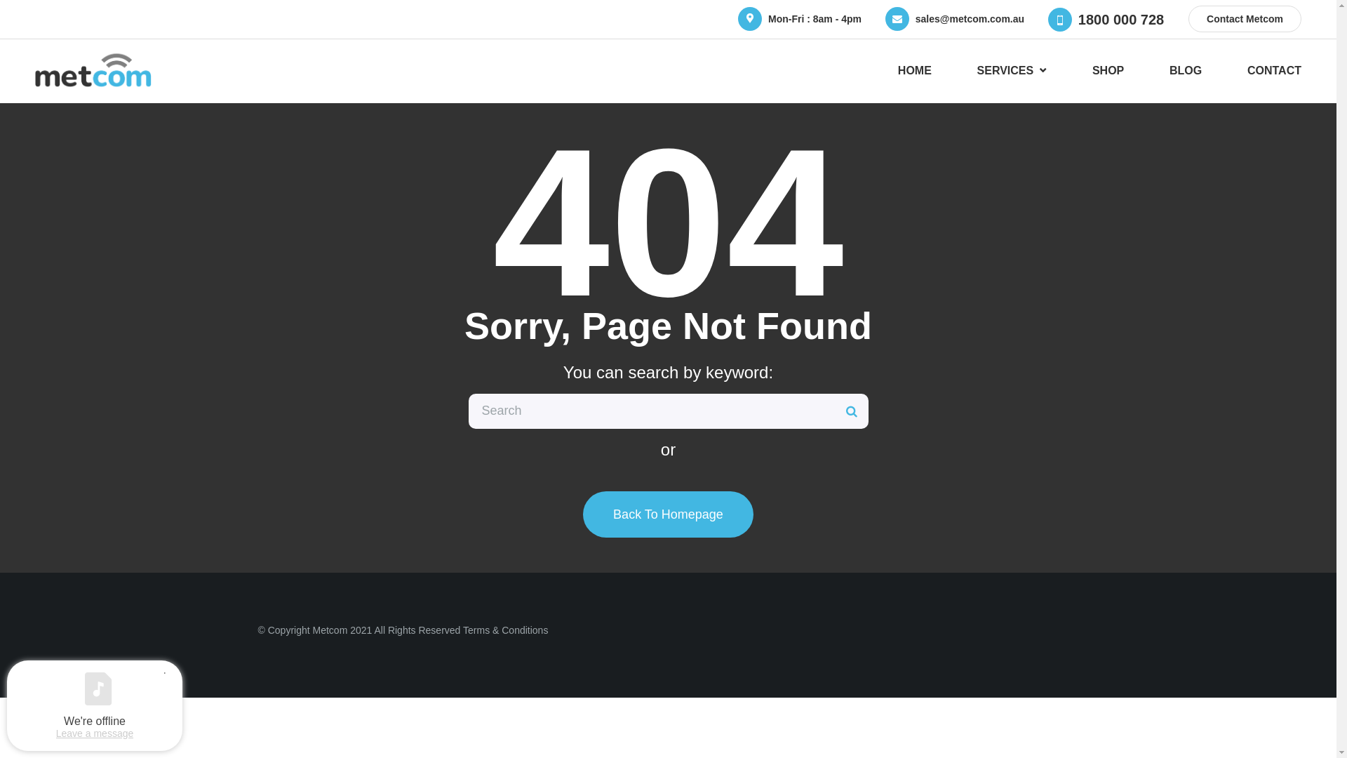 The image size is (1347, 758). I want to click on 'SERVICES', so click(1012, 71).